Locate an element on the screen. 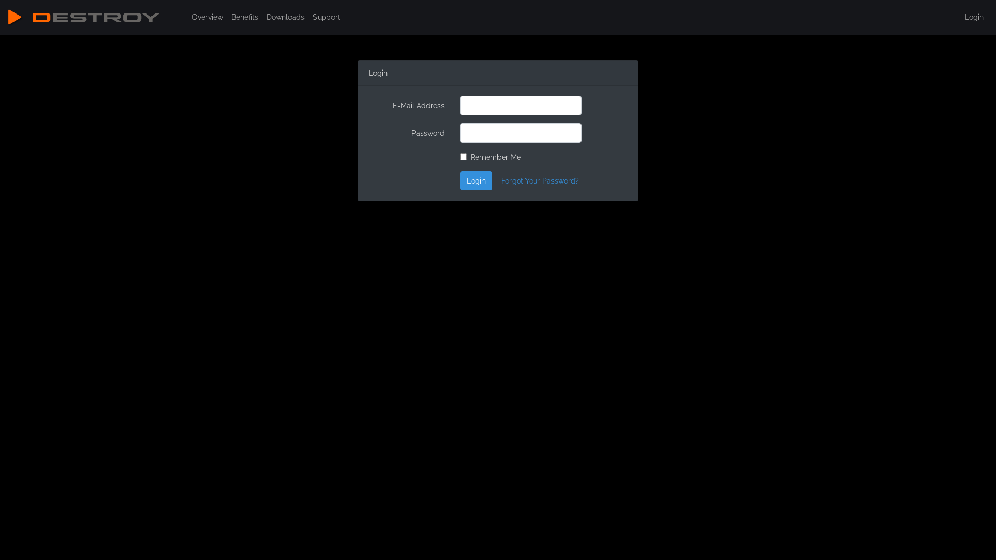  'Downloads' is located at coordinates (285, 17).